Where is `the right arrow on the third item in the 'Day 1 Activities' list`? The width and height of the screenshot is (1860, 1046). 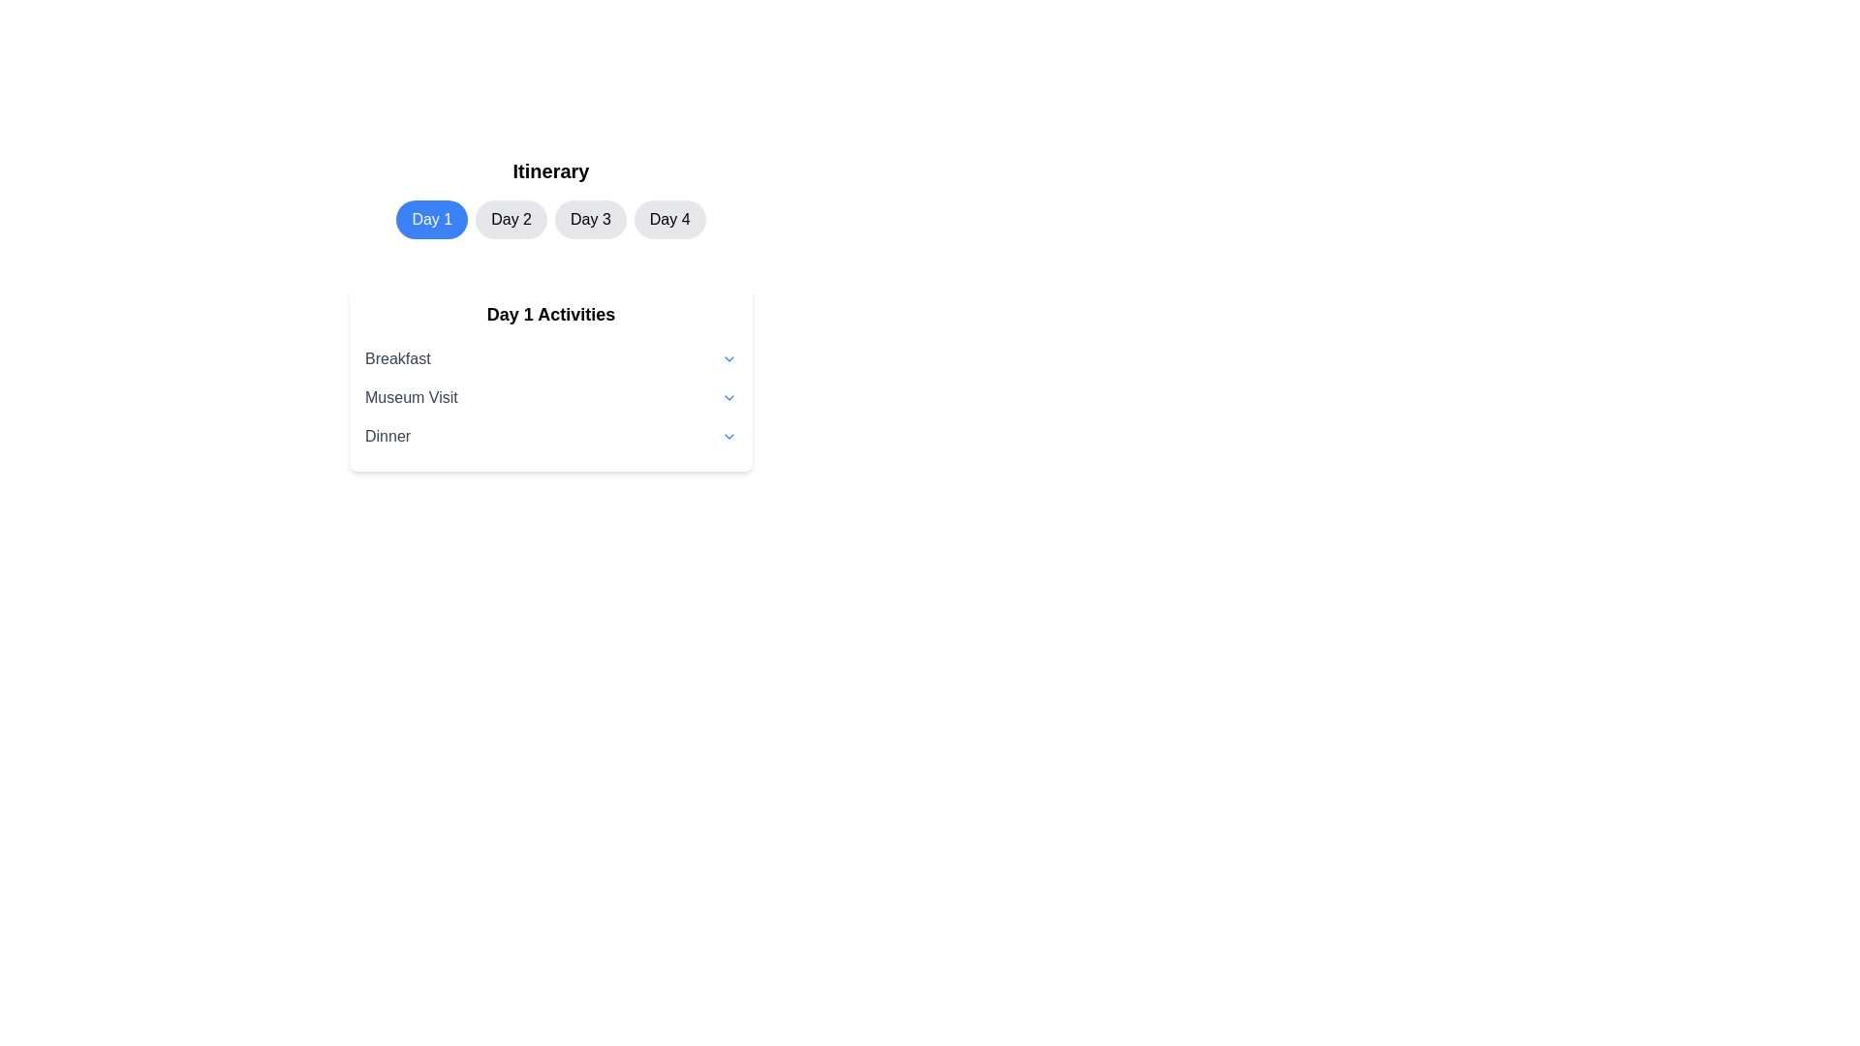 the right arrow on the third item in the 'Day 1 Activities' list is located at coordinates (550, 437).